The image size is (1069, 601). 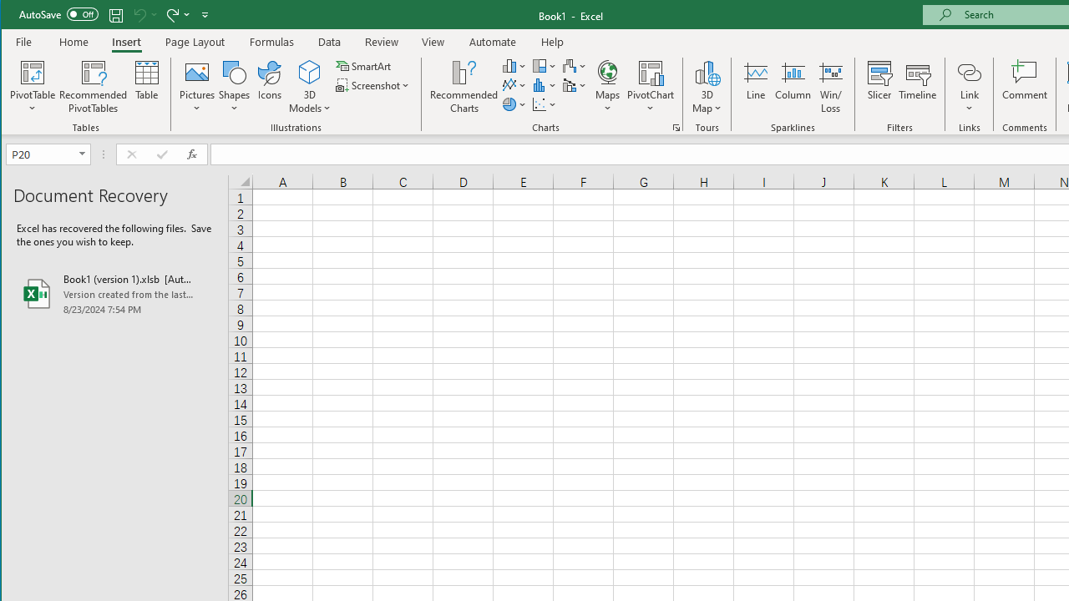 I want to click on 'Maps', so click(x=606, y=87).